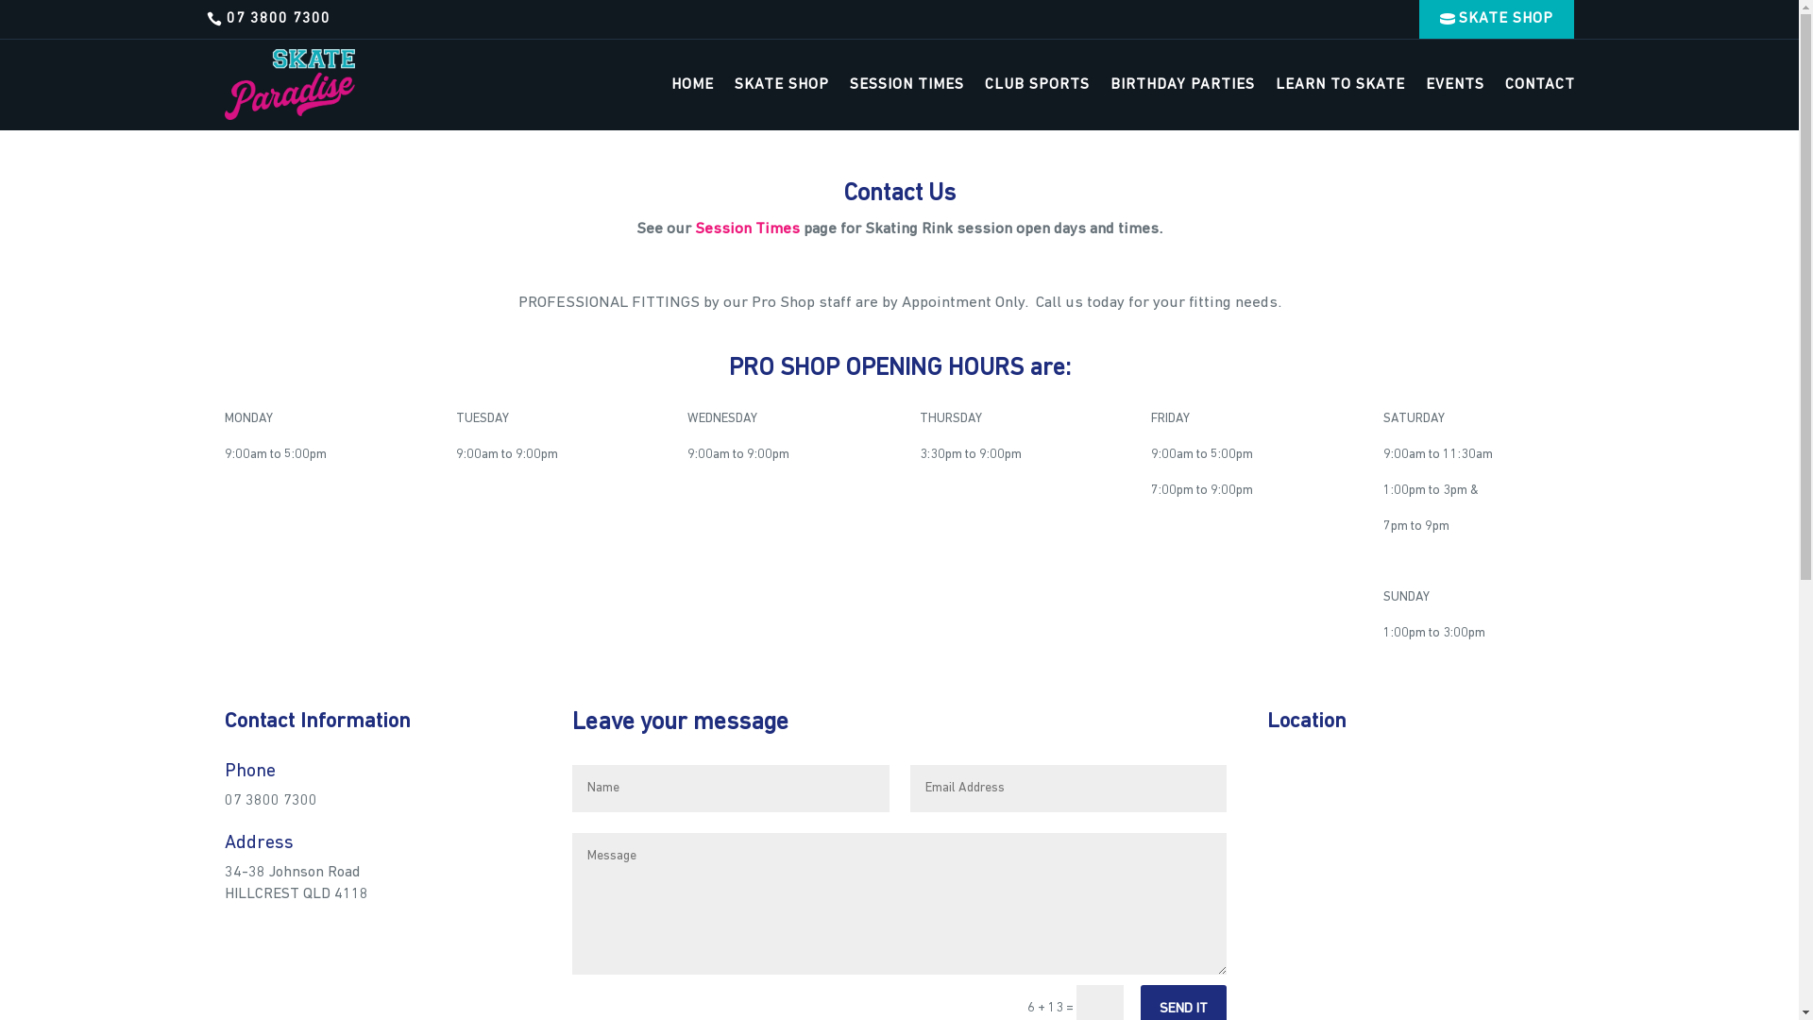  Describe the element at coordinates (1338, 83) in the screenshot. I see `'LEARN TO SKATE'` at that location.